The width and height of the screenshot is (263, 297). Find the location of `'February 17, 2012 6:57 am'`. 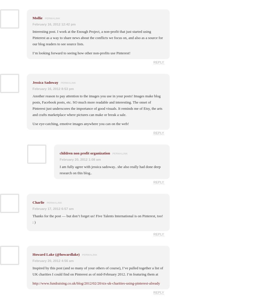

'February 17, 2012 6:57 am' is located at coordinates (53, 208).